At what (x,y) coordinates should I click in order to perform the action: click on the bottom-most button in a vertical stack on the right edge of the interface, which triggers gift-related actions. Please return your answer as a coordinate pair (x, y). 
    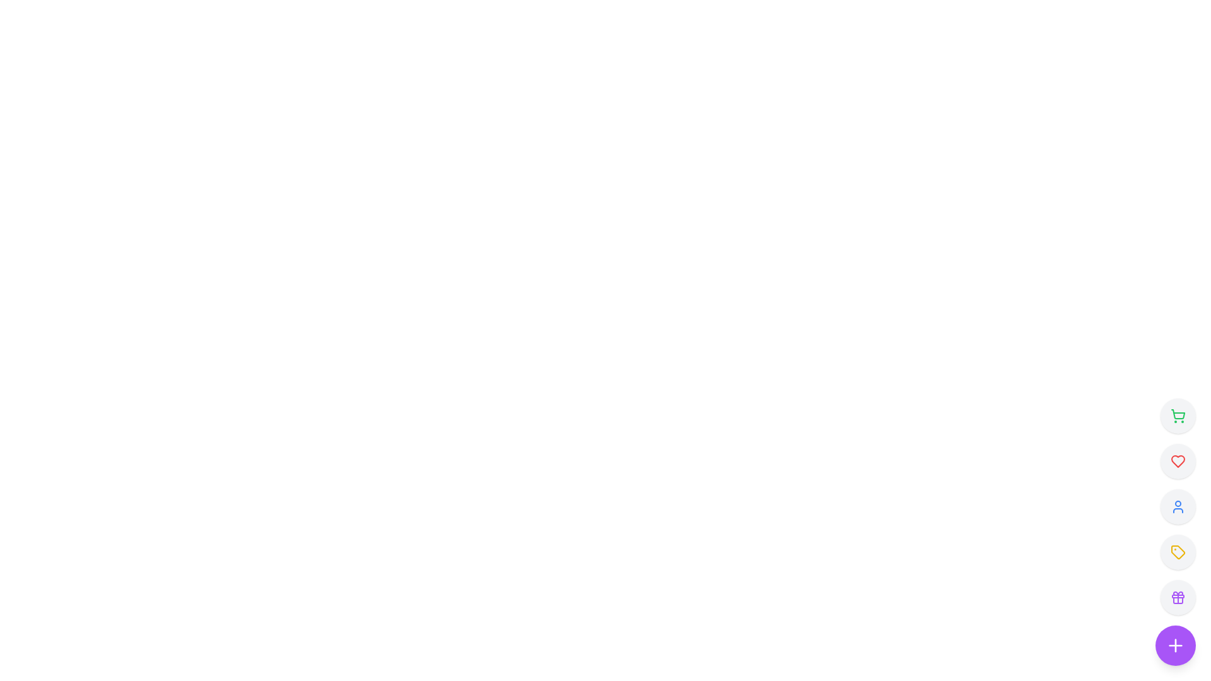
    Looking at the image, I should click on (1177, 597).